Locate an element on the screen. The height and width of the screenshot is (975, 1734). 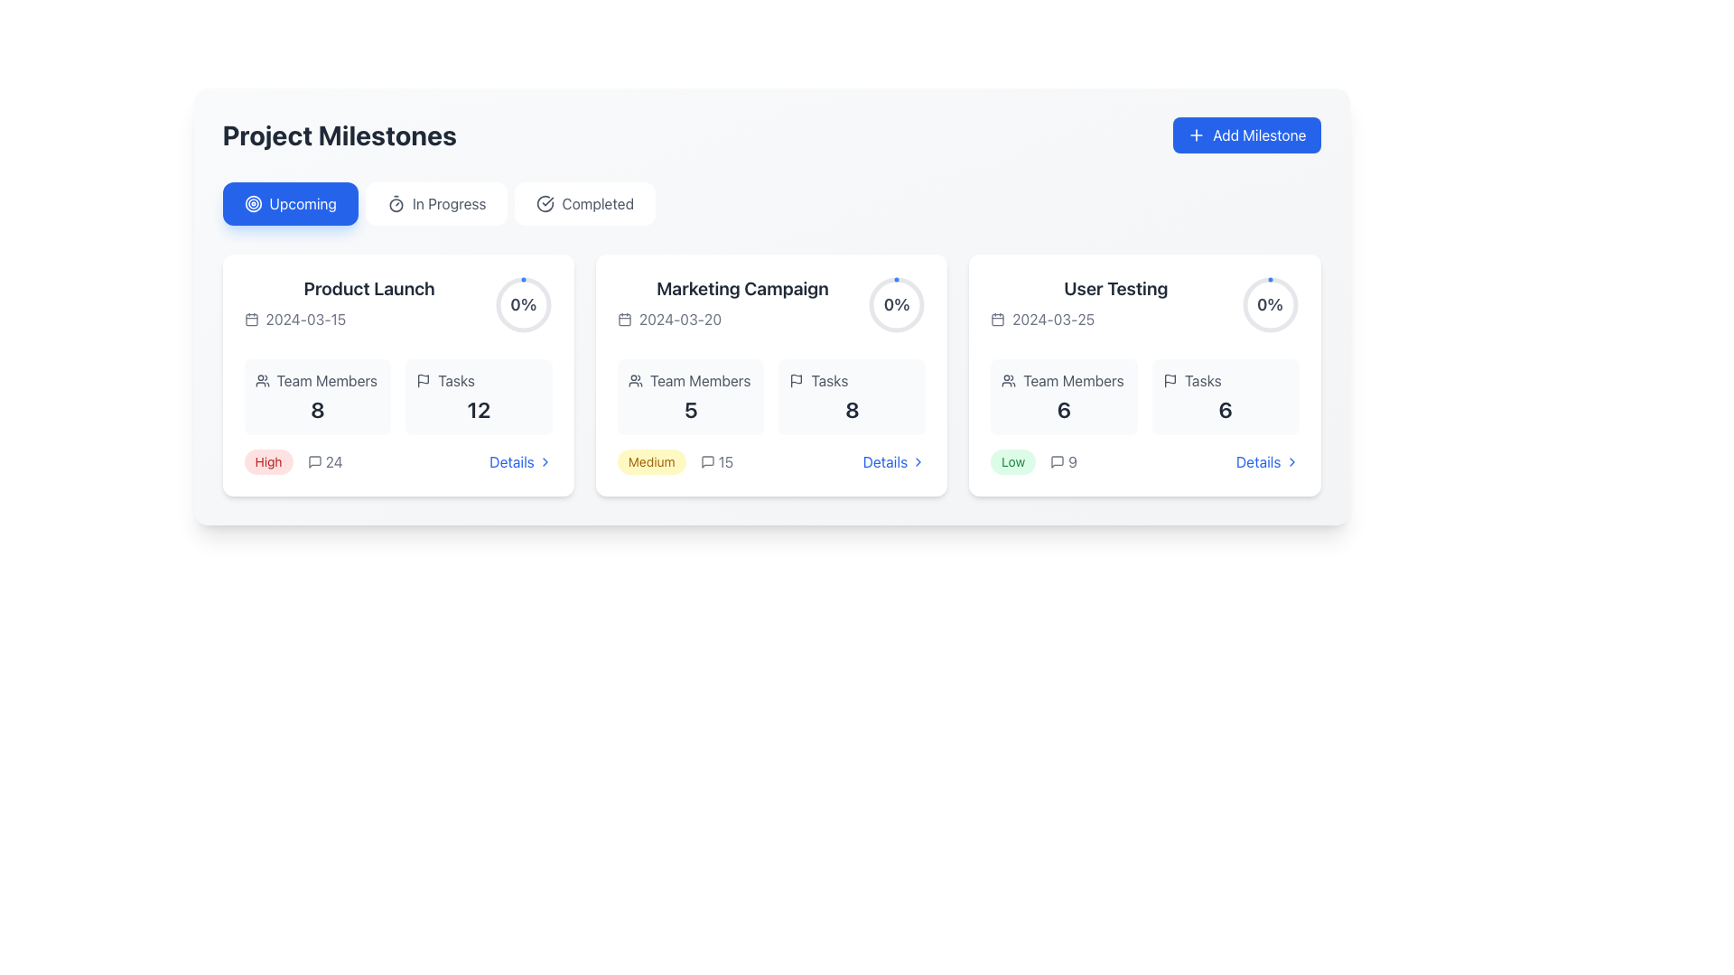
'Details' interactive link with icon located at the bottom-right corner of the 'Product Launch' card for accessibility testing is located at coordinates (519, 461).